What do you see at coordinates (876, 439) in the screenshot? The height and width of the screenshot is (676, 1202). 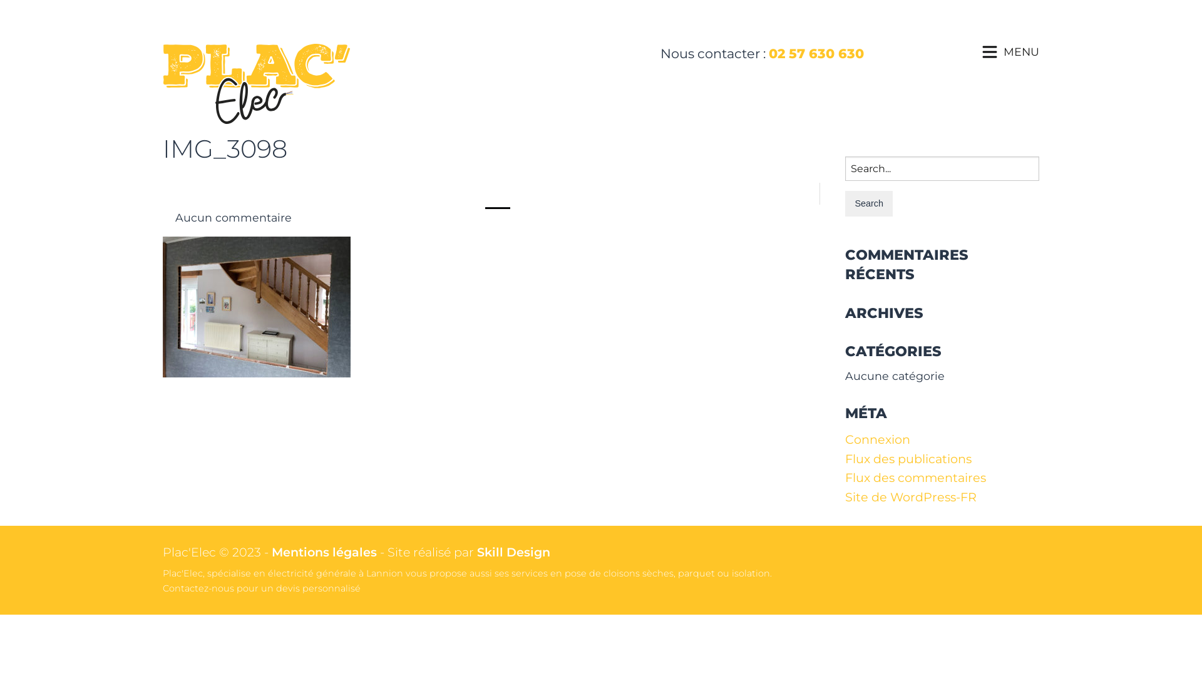 I see `'Connexion'` at bounding box center [876, 439].